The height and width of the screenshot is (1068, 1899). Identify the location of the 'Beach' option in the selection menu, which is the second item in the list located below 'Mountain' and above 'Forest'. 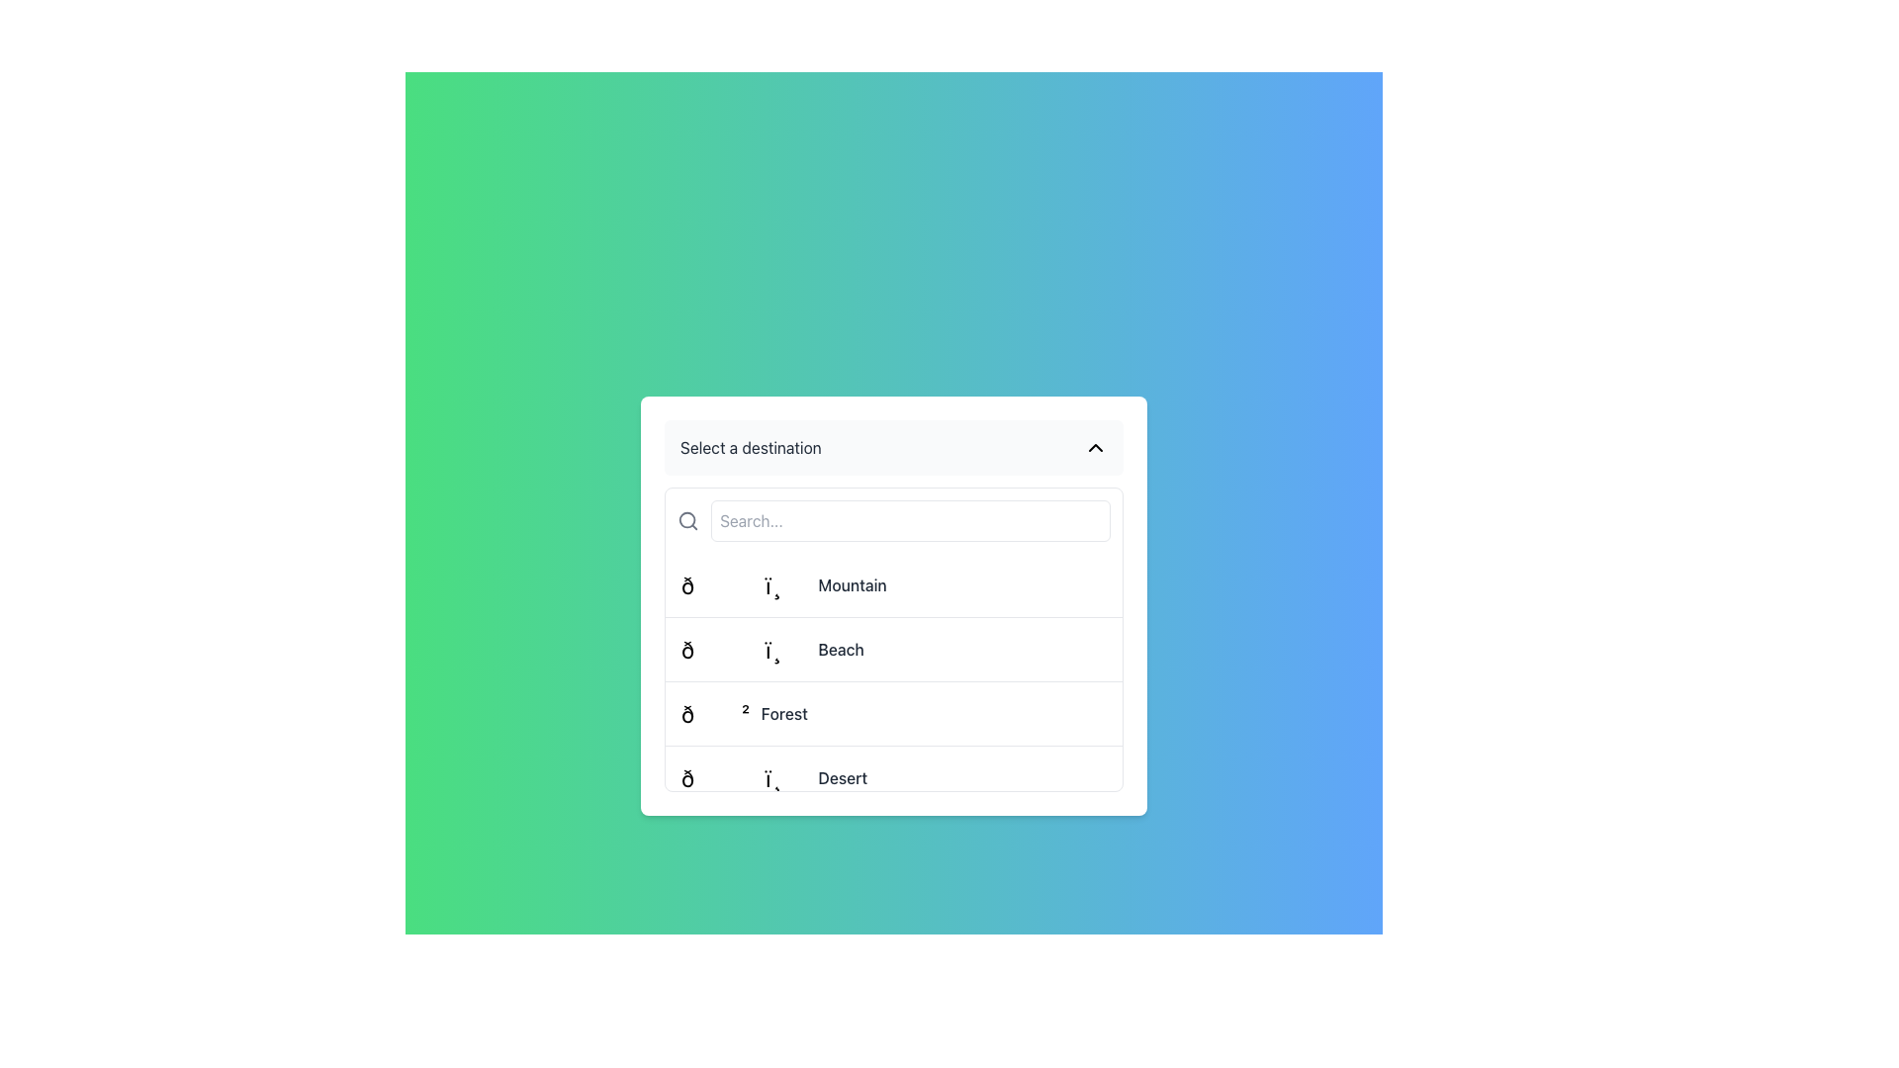
(892, 670).